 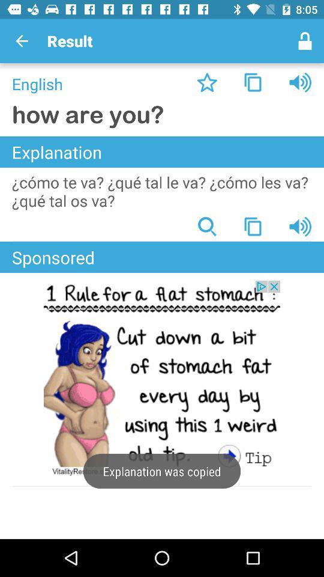 What do you see at coordinates (22, 41) in the screenshot?
I see `the icon to the left of result app` at bounding box center [22, 41].